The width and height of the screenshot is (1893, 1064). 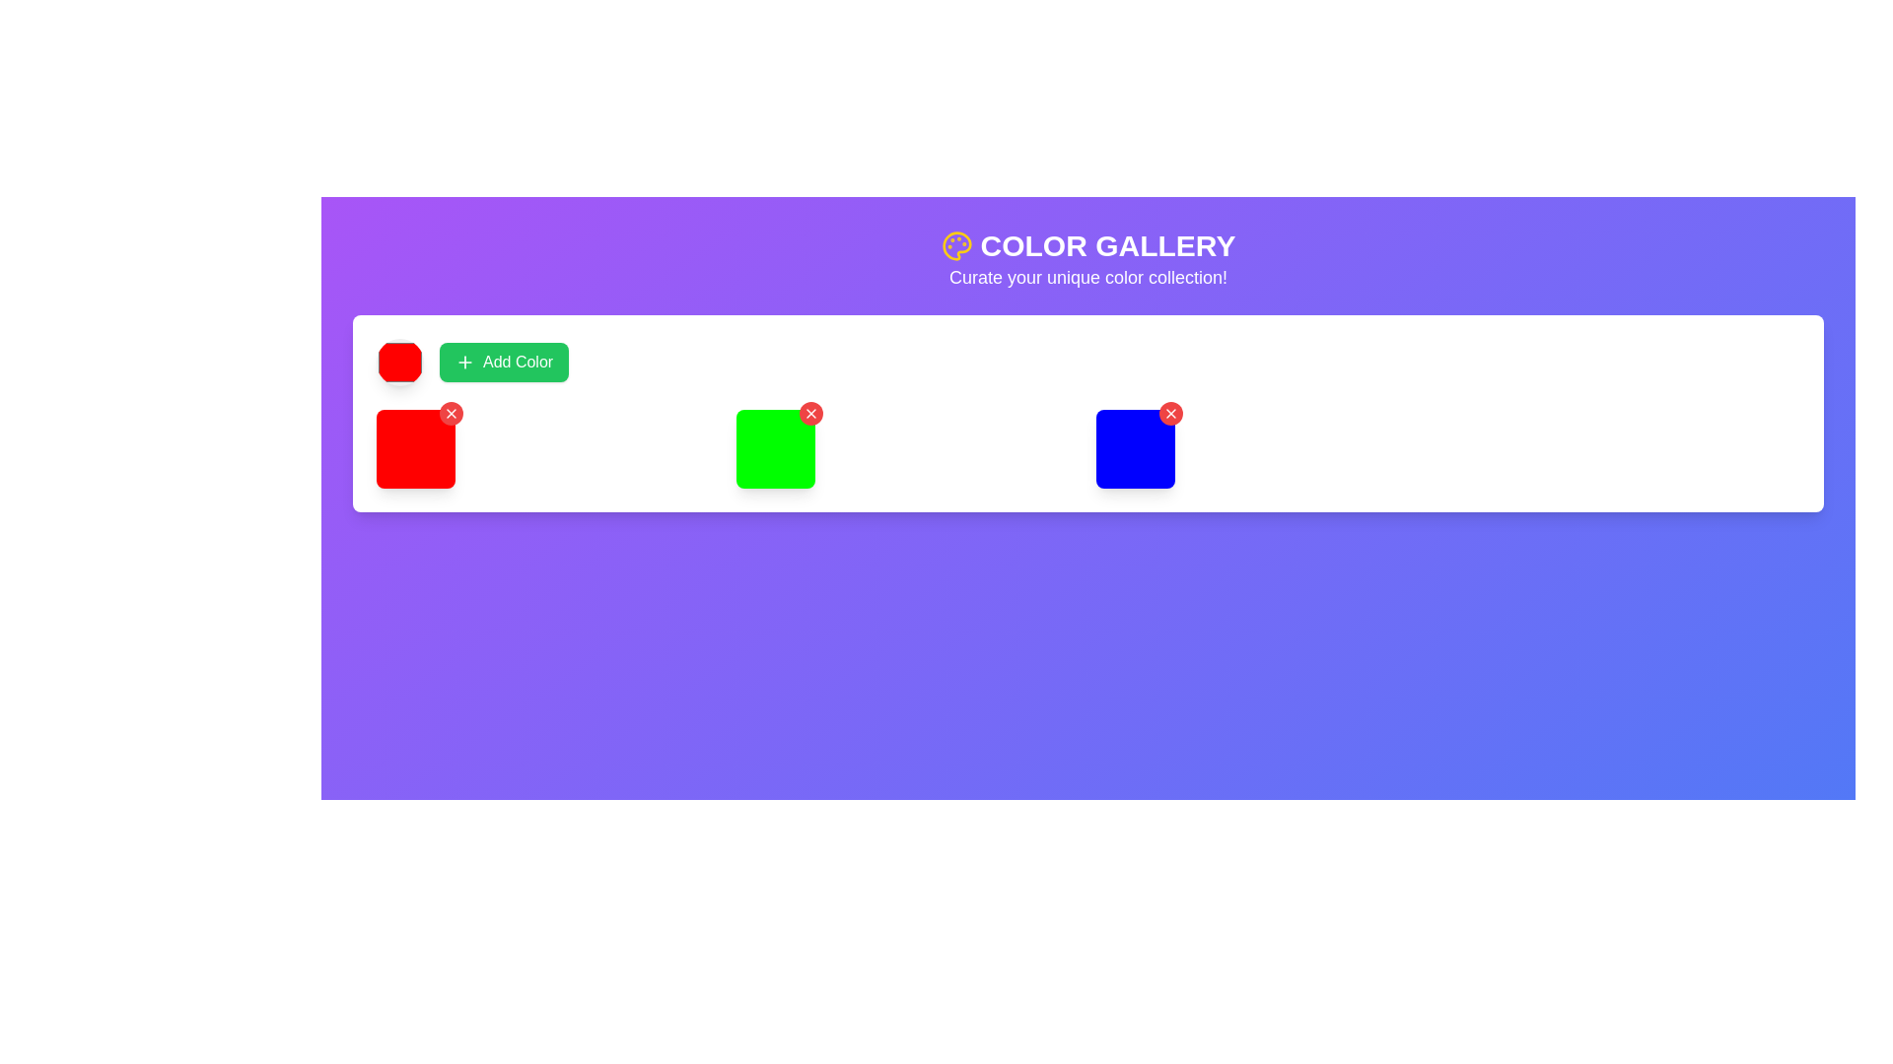 I want to click on the Textual header with the large bold uppercase text 'Color Gallery' and the subheading 'Curate your unique color collection!' that is centrally positioned with a gradient background transitioning from purple to blue, so click(x=1087, y=258).